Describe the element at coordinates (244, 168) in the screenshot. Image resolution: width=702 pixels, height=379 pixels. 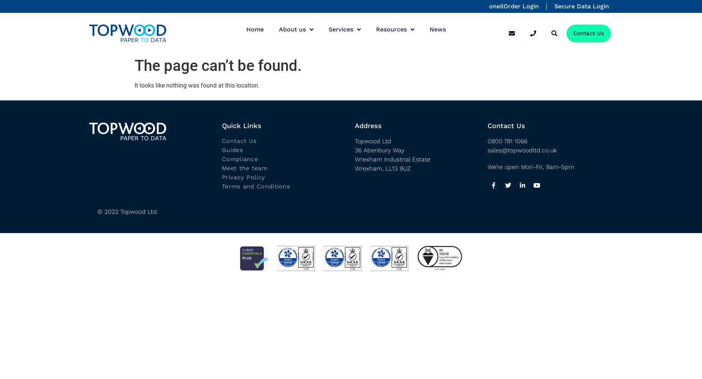
I see `'Meet the team'` at that location.